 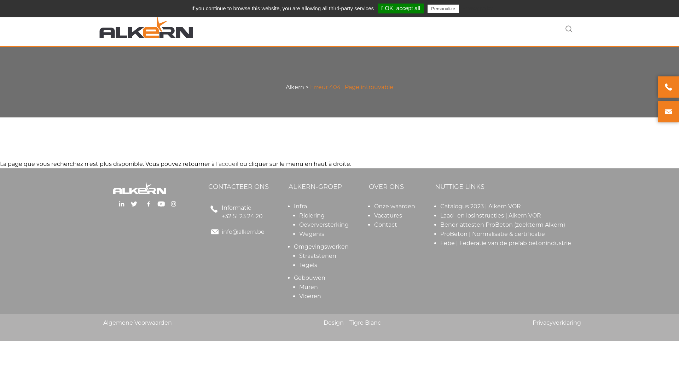 I want to click on 'Omgevingswerken', so click(x=321, y=246).